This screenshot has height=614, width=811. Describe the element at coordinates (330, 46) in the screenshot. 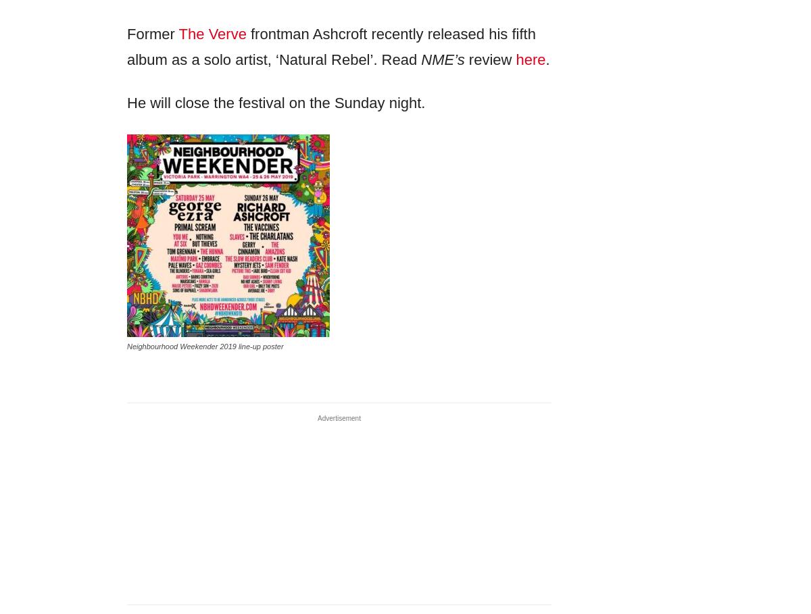

I see `'frontman Ashcroft recently released his fifth album as a solo artist, ‘Natural Rebel’. Read'` at that location.